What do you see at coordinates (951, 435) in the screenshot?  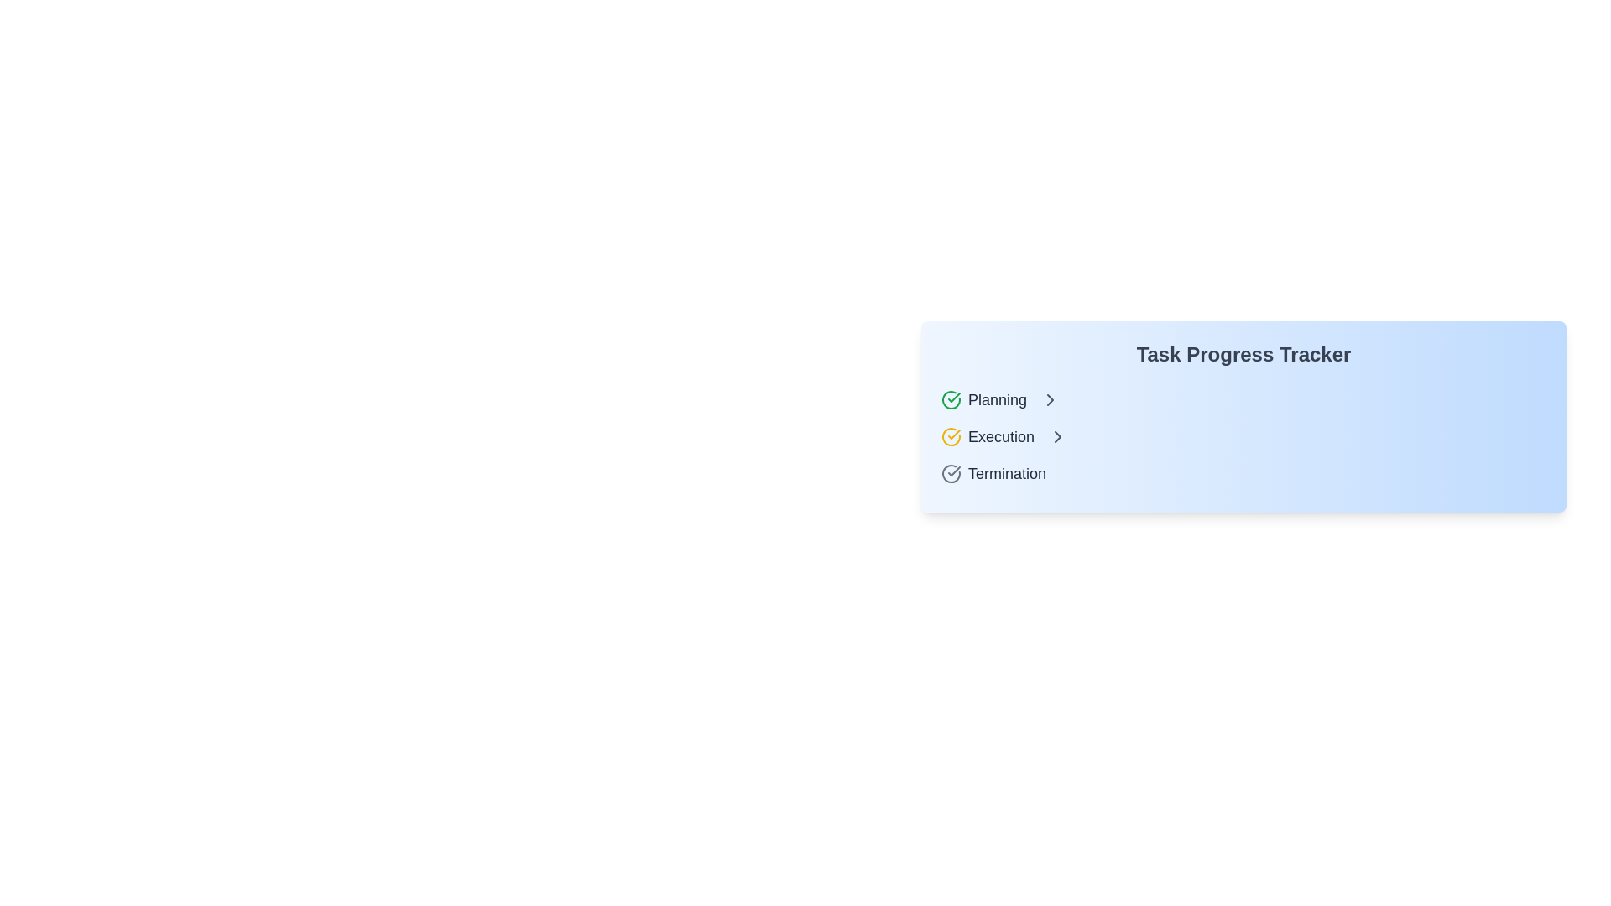 I see `the visual styling of the leftmost icon next to the 'Execution' label in the task tracker, which indicates the status of the 'Execution' task` at bounding box center [951, 435].